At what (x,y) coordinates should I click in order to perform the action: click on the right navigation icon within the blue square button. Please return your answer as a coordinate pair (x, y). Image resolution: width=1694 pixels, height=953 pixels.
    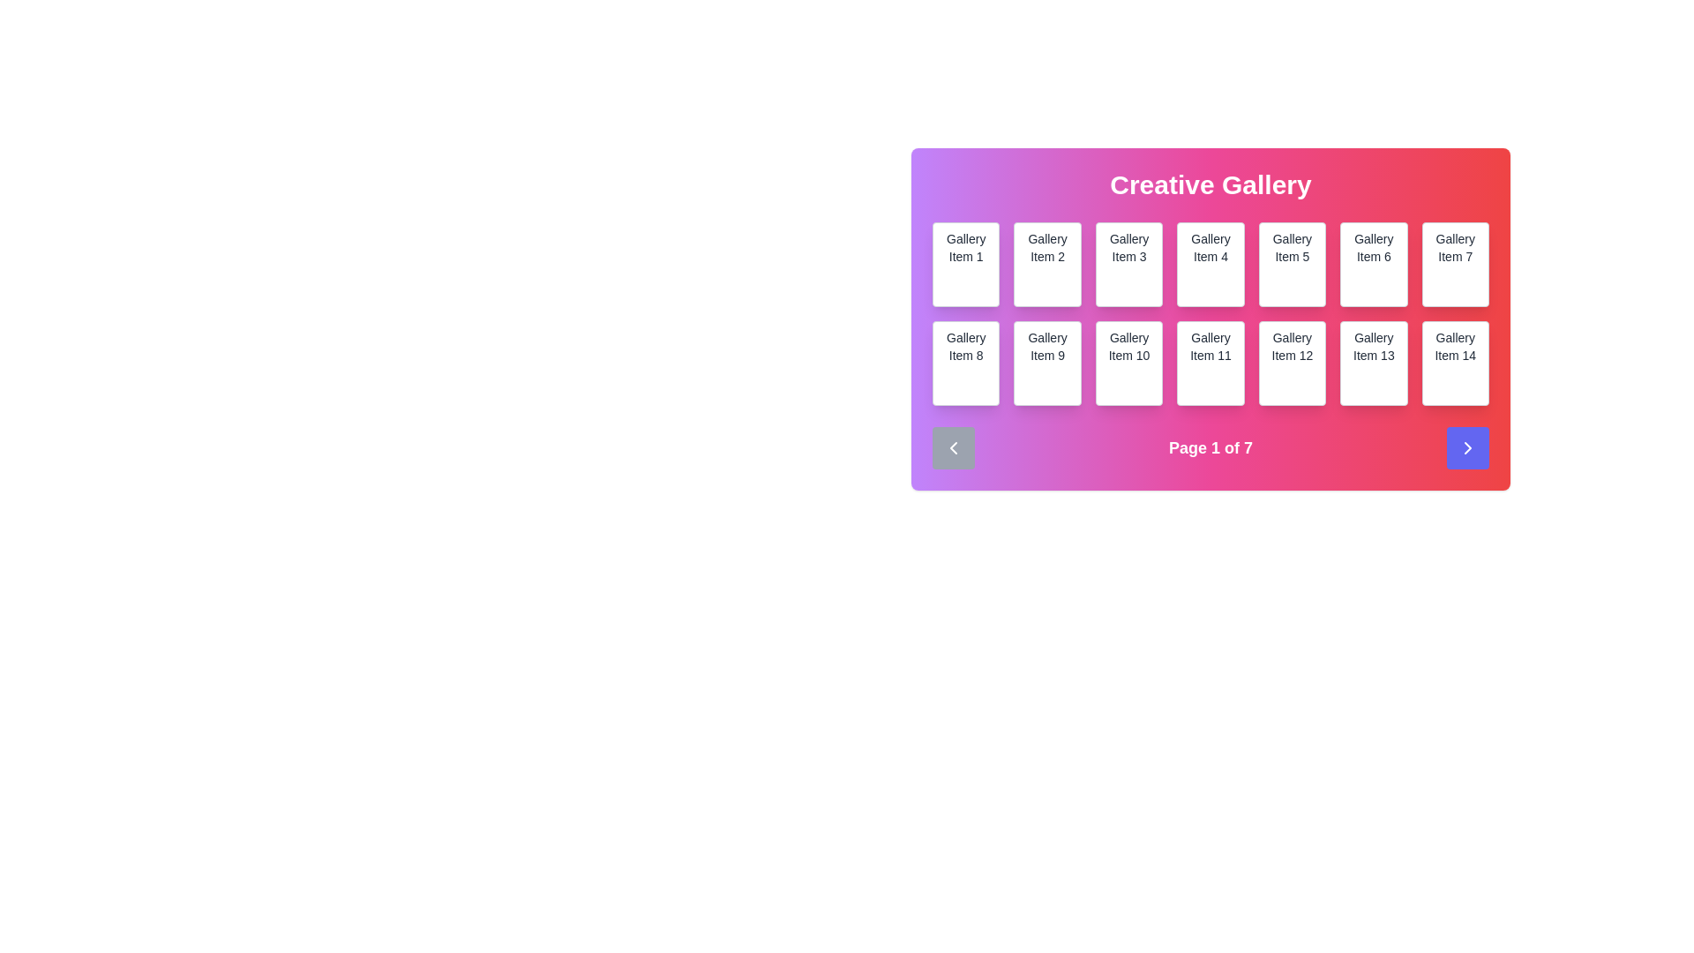
    Looking at the image, I should click on (1468, 447).